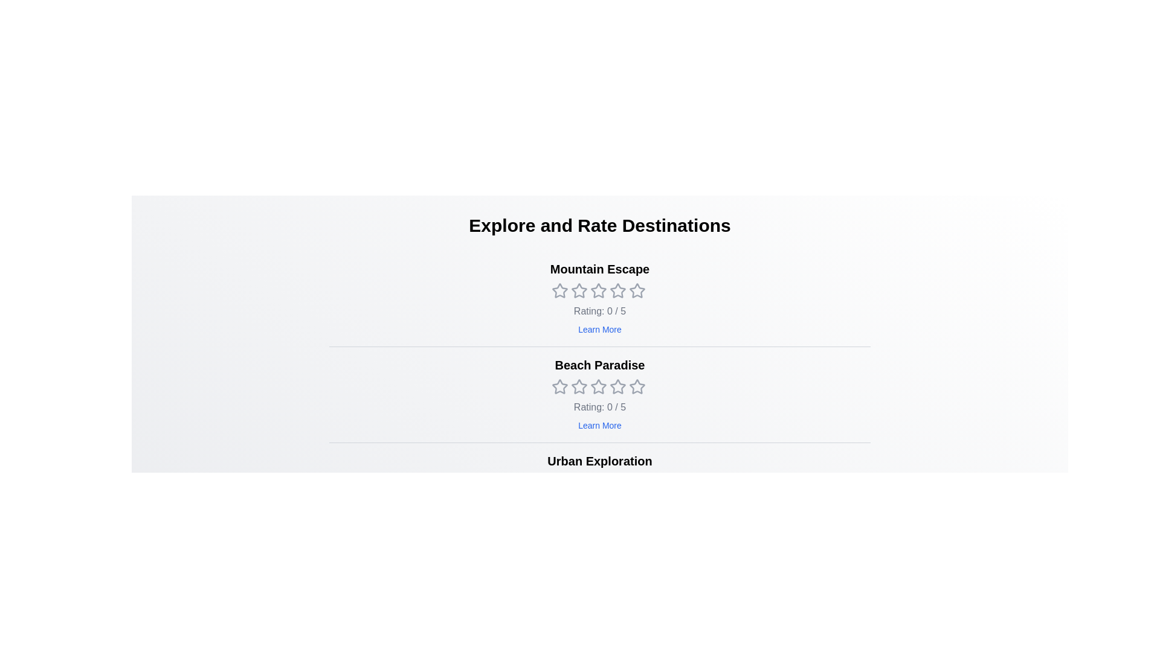 The width and height of the screenshot is (1160, 652). What do you see at coordinates (600, 330) in the screenshot?
I see `the 'Learn More' button for the destination 'Mountain Escape'` at bounding box center [600, 330].